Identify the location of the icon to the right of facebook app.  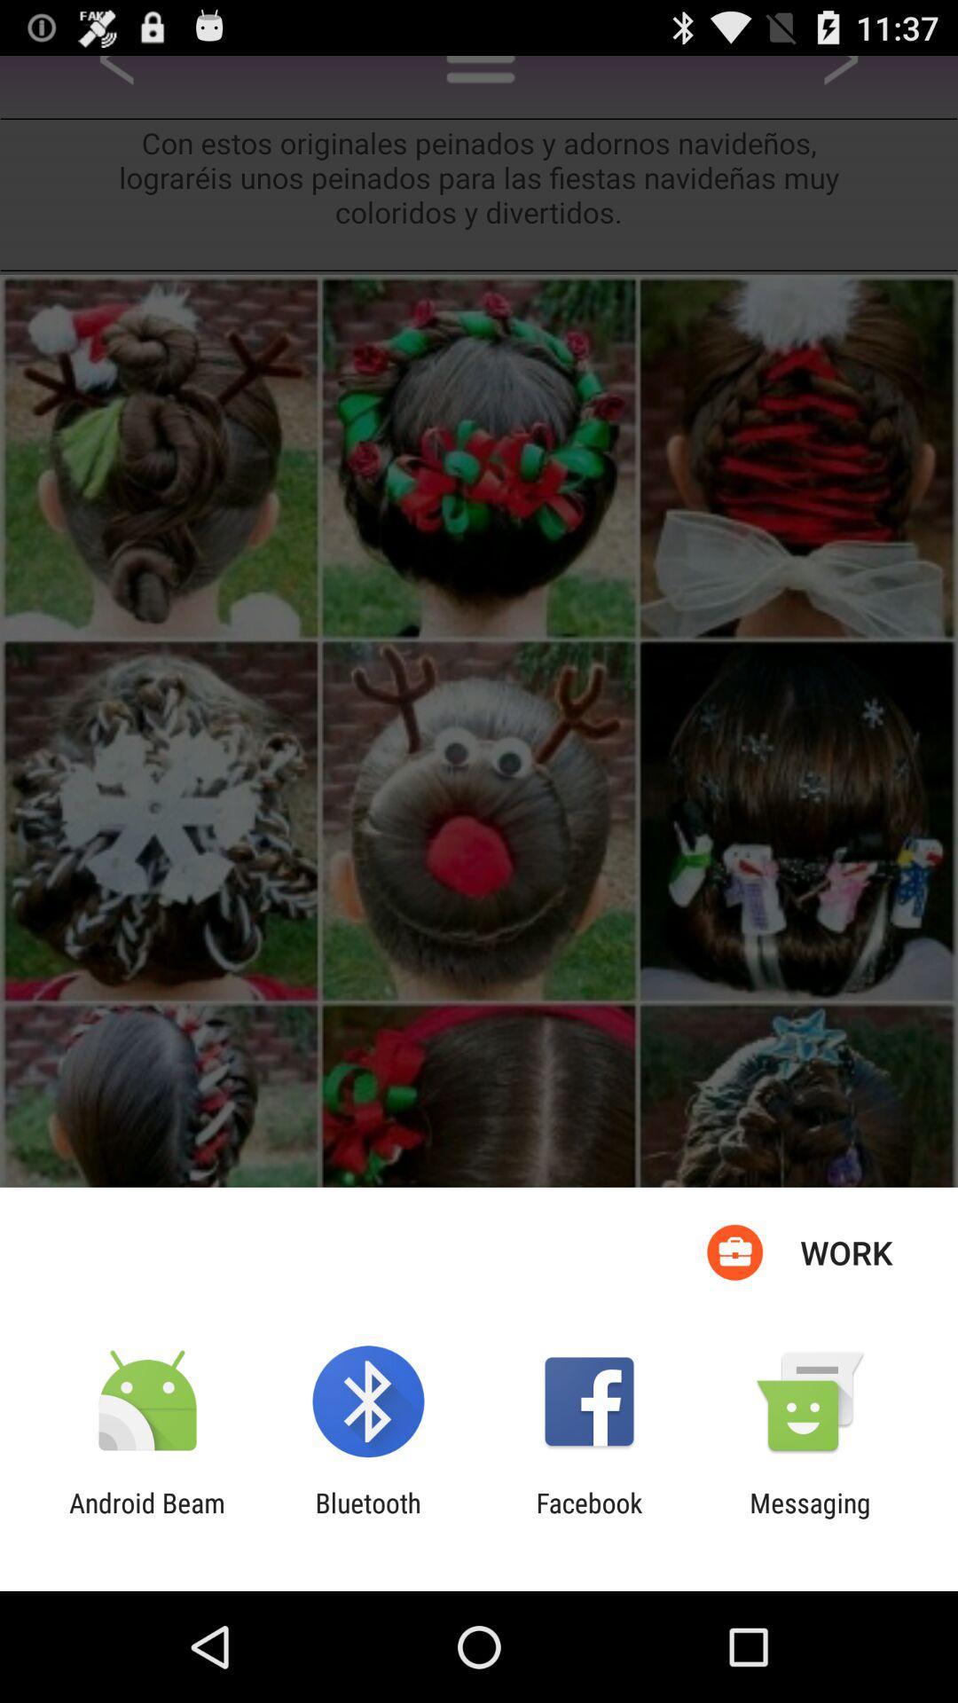
(810, 1518).